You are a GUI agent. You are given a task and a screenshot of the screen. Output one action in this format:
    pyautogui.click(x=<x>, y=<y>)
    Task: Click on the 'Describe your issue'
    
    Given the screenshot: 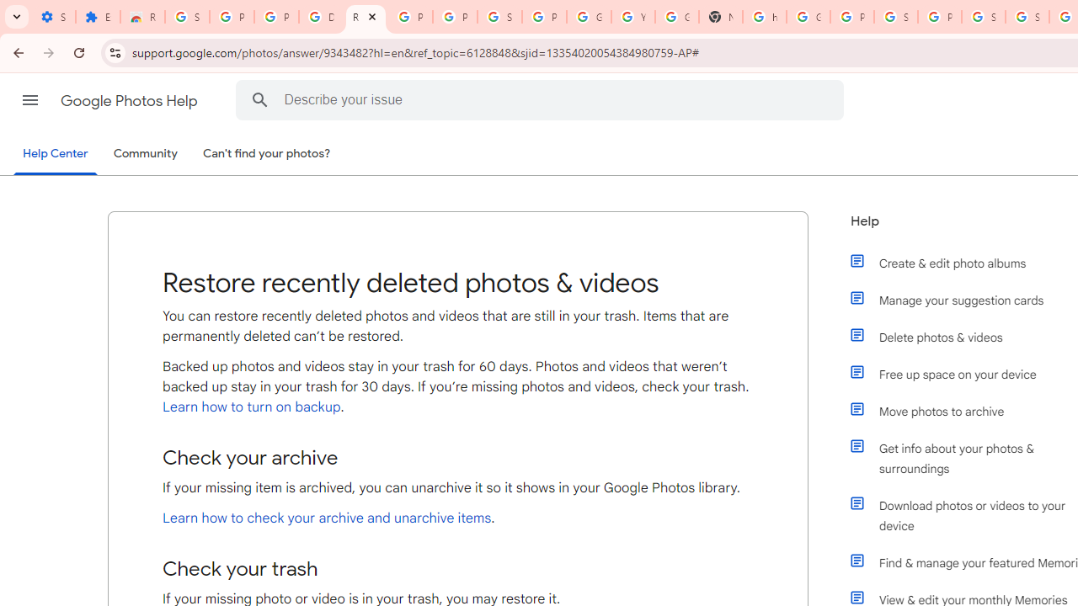 What is the action you would take?
    pyautogui.click(x=543, y=99)
    